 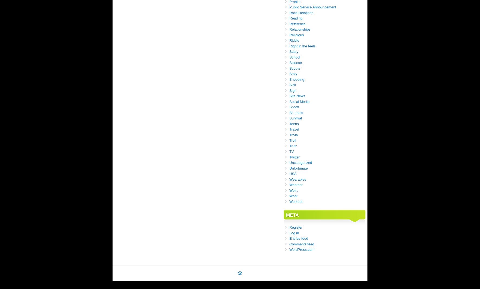 What do you see at coordinates (293, 196) in the screenshot?
I see `'Work'` at bounding box center [293, 196].